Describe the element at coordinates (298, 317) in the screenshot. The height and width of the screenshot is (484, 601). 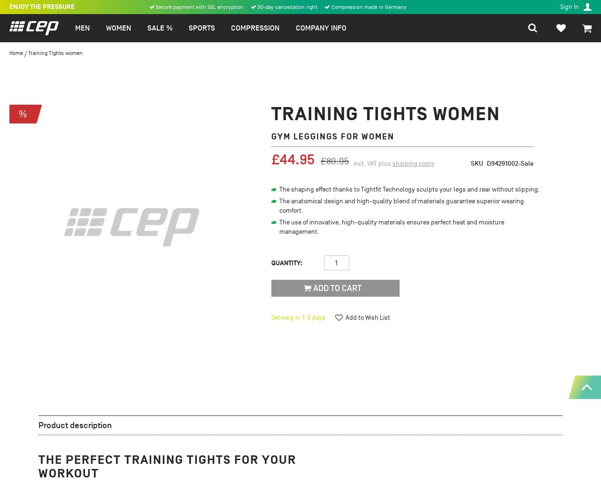
I see `'Delivery in 1-3 days'` at that location.